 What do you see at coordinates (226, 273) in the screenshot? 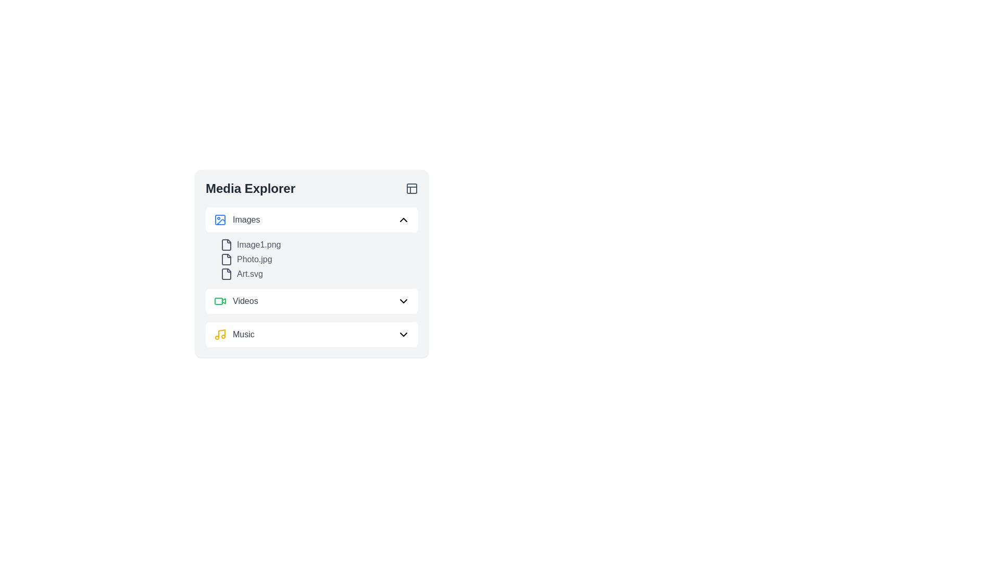
I see `the document icon representing 'Art.svg' in the 'Media Explorer' interface, which is the first element in the group` at bounding box center [226, 273].